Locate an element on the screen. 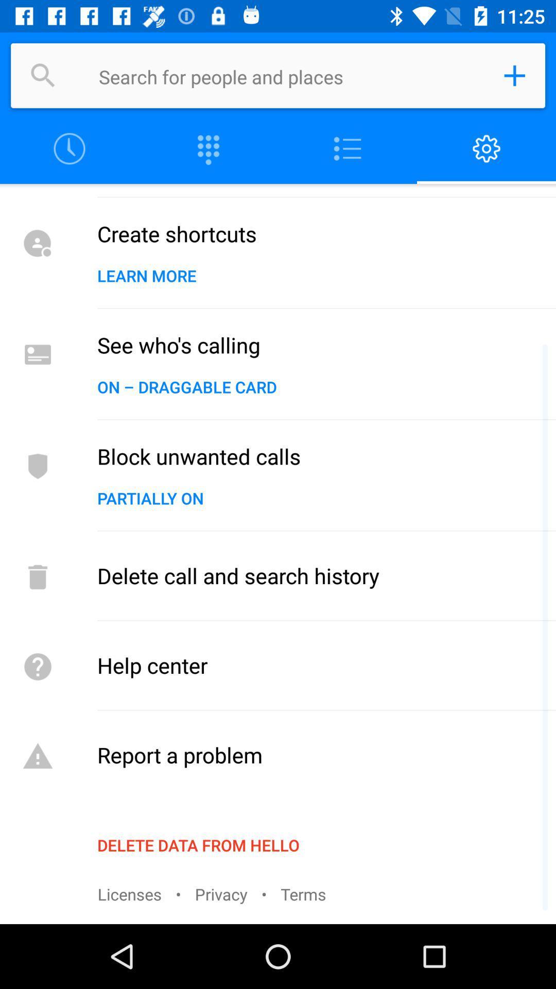 This screenshot has height=989, width=556. expand search function is located at coordinates (514, 75).